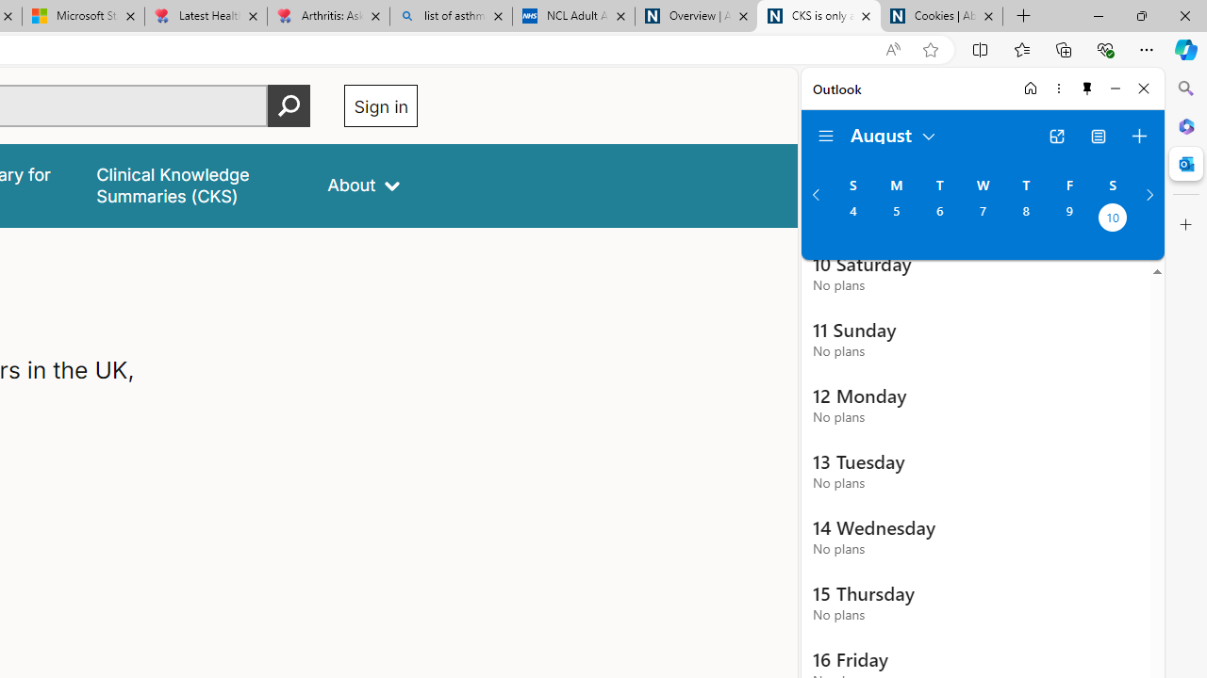  What do you see at coordinates (195, 186) in the screenshot?
I see `'false'` at bounding box center [195, 186].